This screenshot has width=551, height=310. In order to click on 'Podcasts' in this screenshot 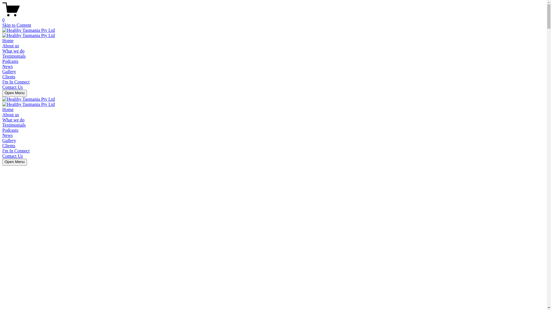, I will do `click(10, 61)`.